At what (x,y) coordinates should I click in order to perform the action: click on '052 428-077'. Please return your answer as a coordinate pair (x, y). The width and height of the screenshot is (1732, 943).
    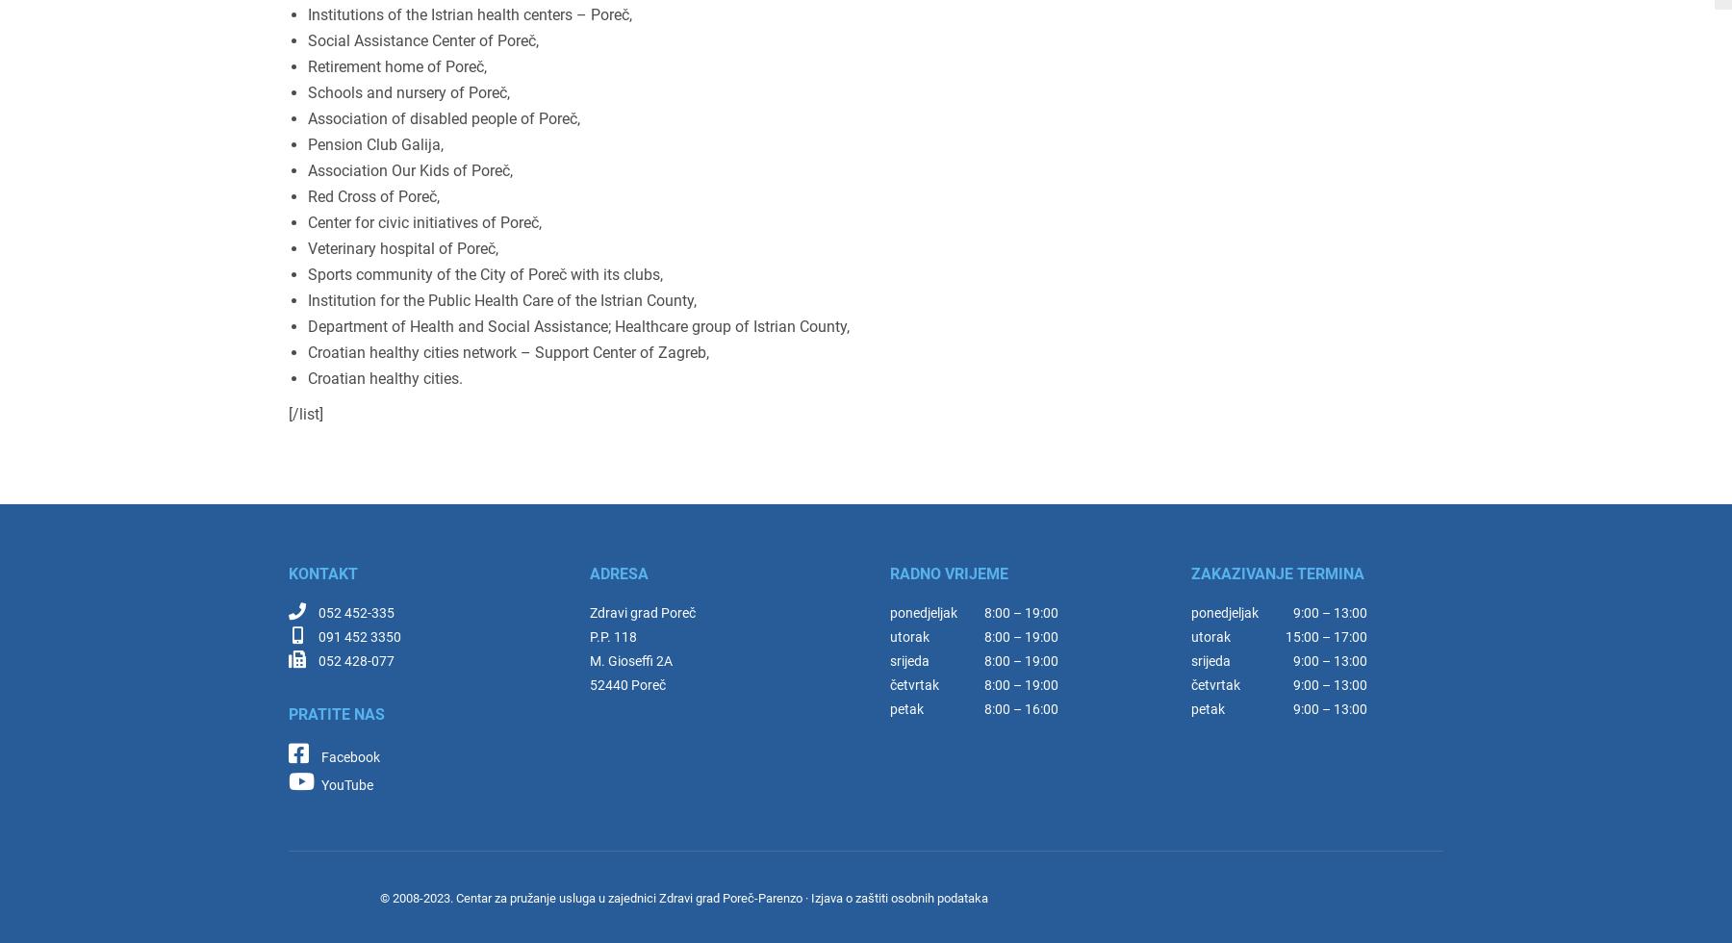
    Looking at the image, I should click on (355, 660).